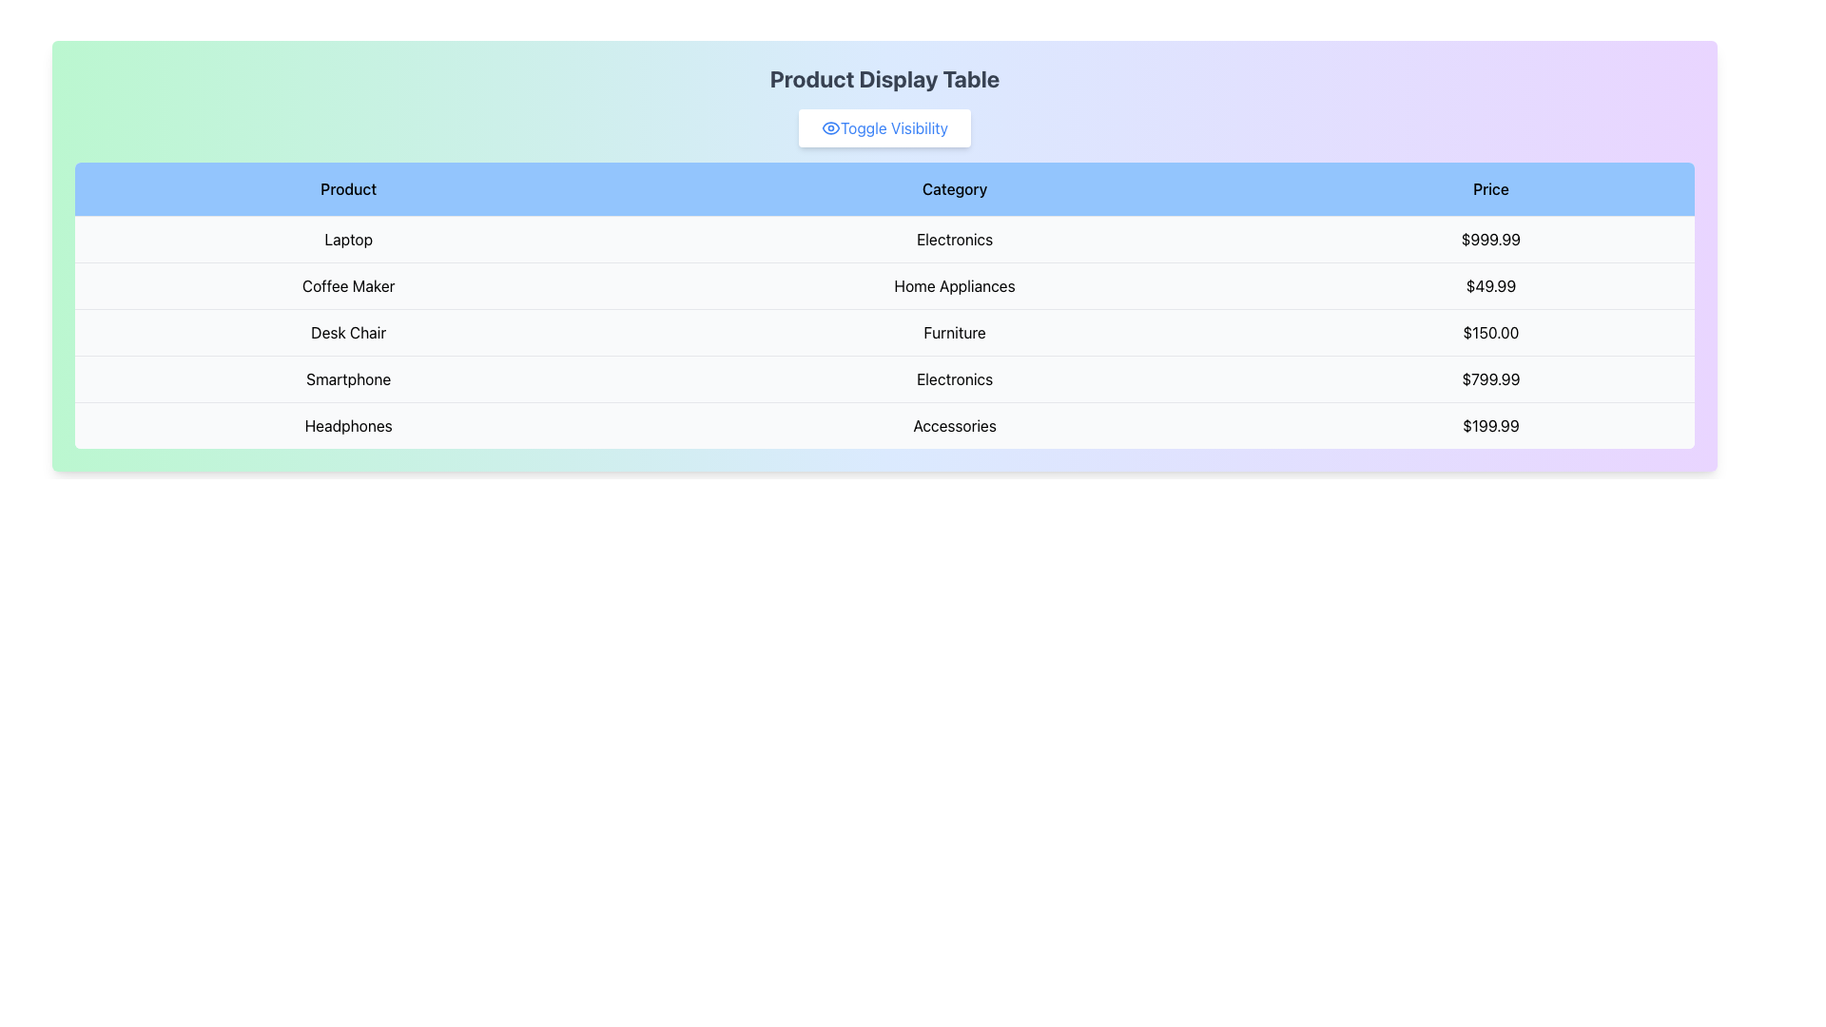 This screenshot has width=1826, height=1027. I want to click on the 'Coffee Maker' text label which is located in the second row under the 'Product' header of a table-like structure, so click(348, 285).